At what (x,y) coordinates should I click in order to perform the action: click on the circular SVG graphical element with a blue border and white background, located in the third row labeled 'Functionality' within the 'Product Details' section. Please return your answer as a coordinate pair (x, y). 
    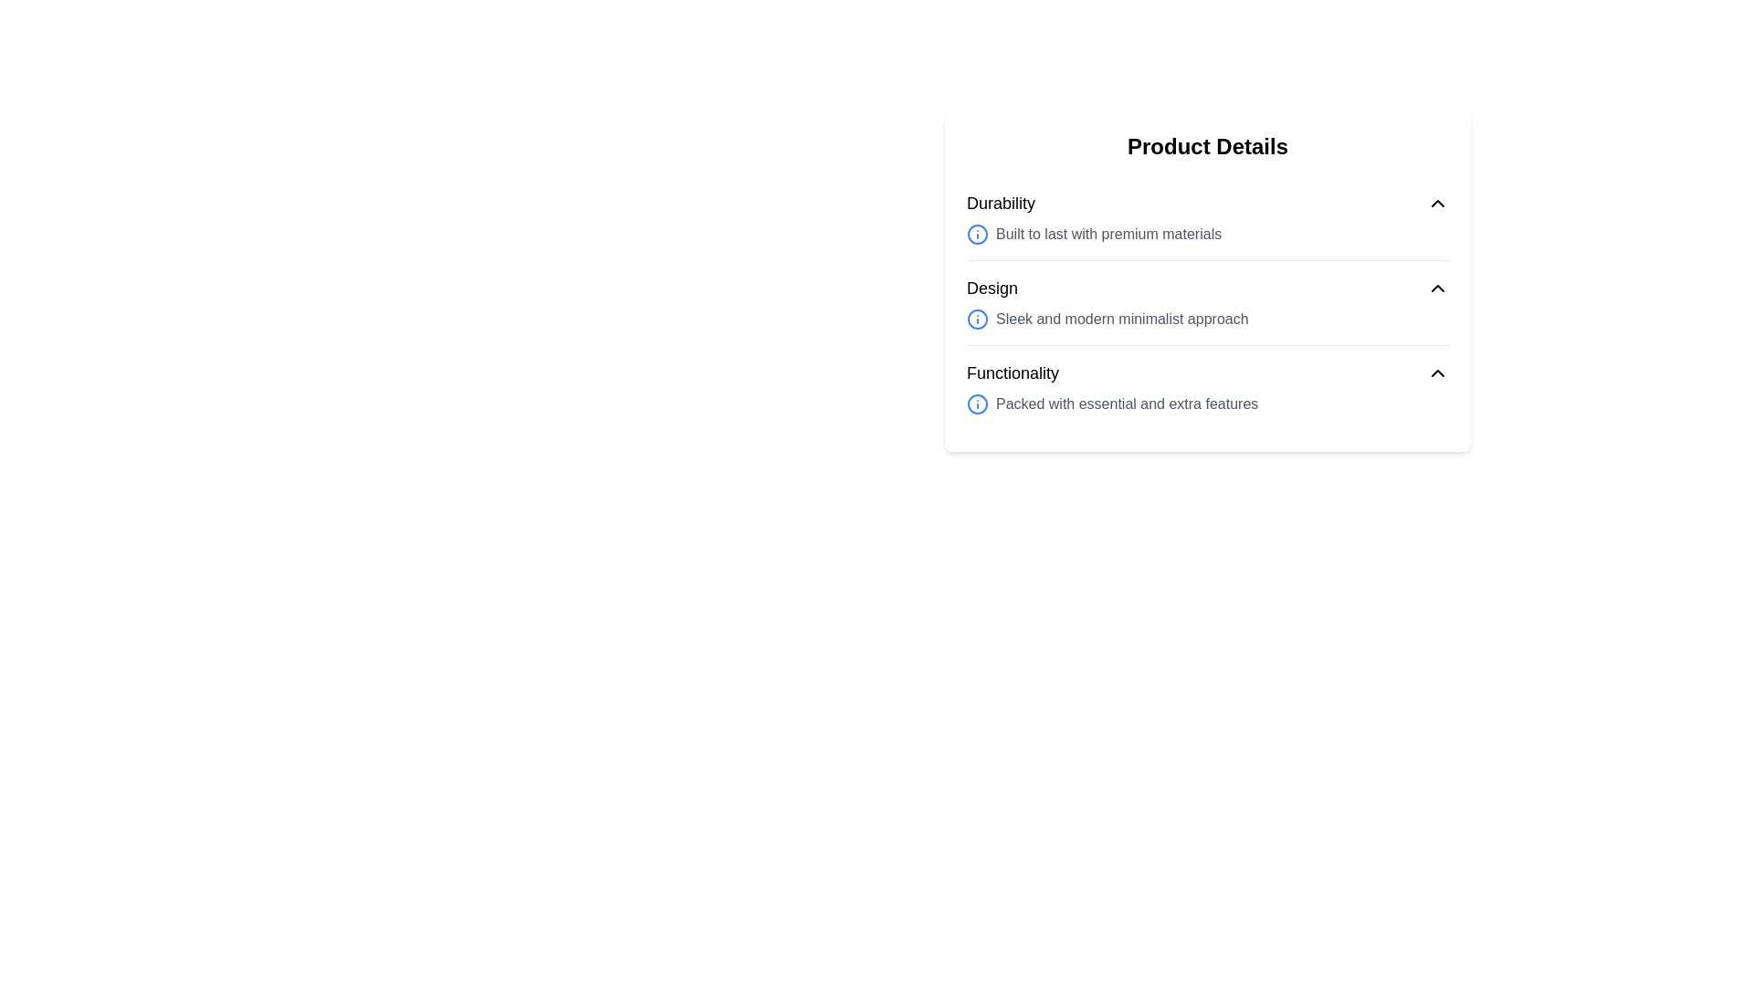
    Looking at the image, I should click on (976, 404).